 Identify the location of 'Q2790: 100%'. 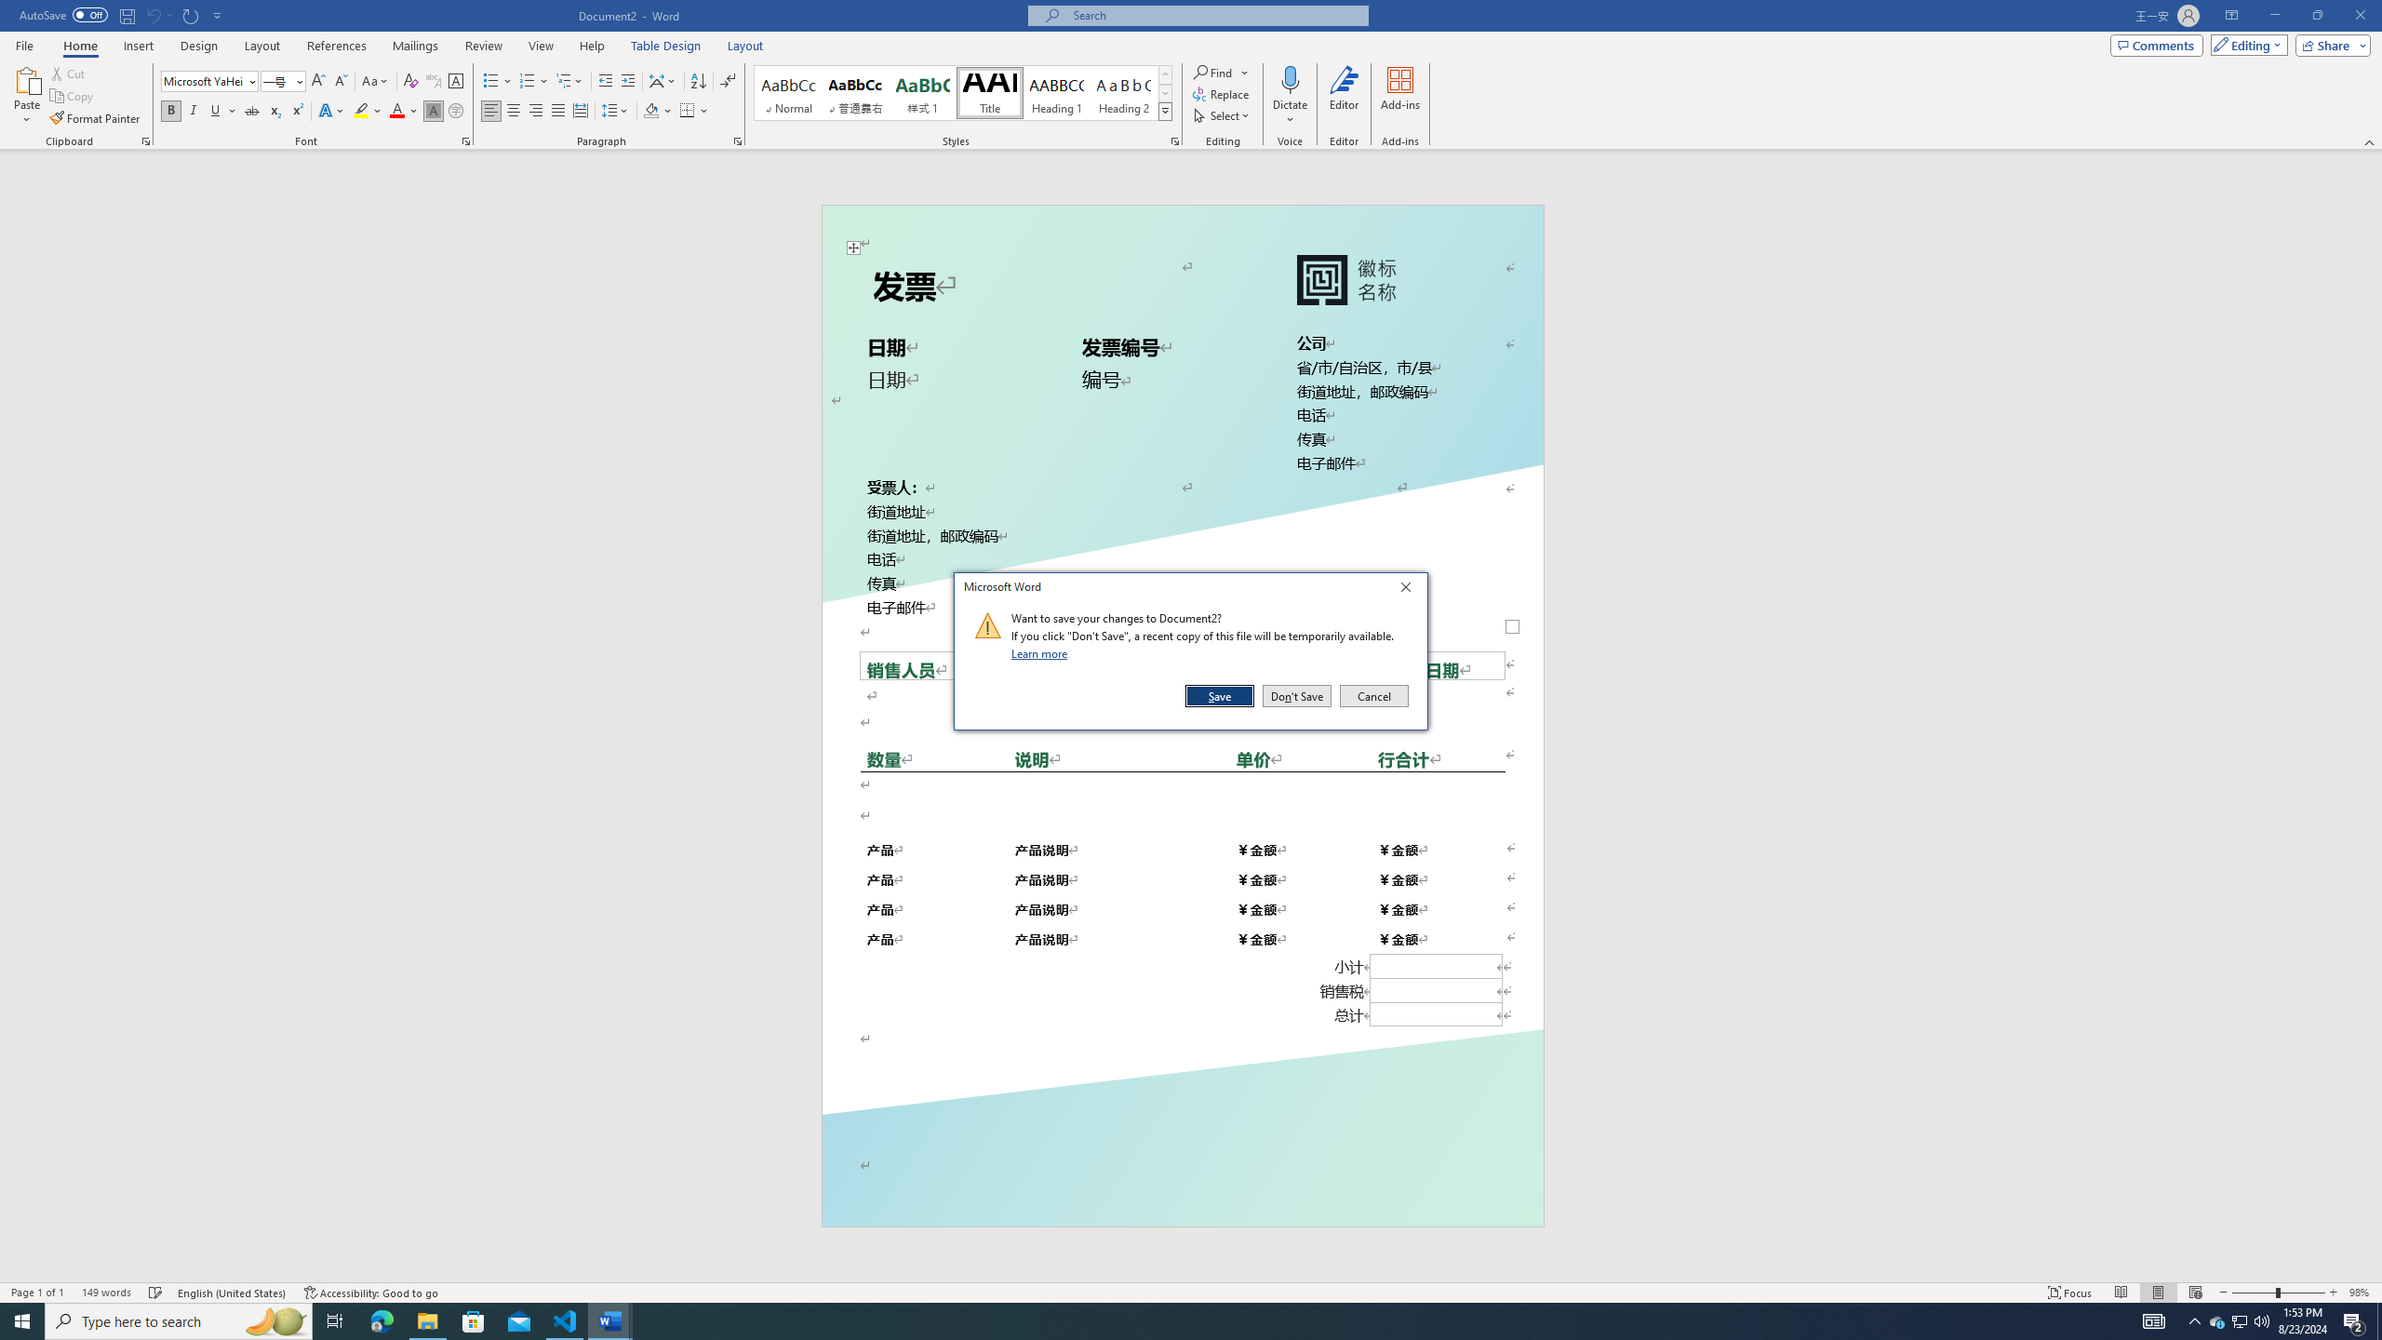
(2260, 1320).